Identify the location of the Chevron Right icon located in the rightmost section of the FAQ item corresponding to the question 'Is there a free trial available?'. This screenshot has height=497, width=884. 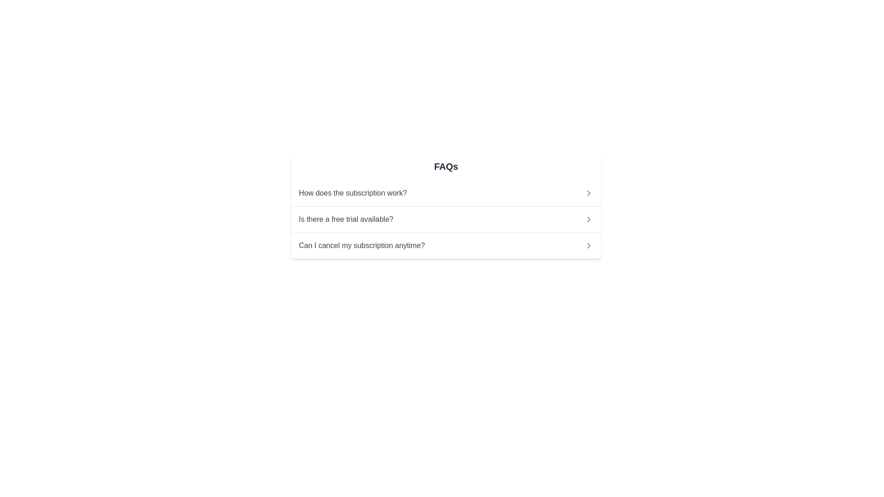
(588, 220).